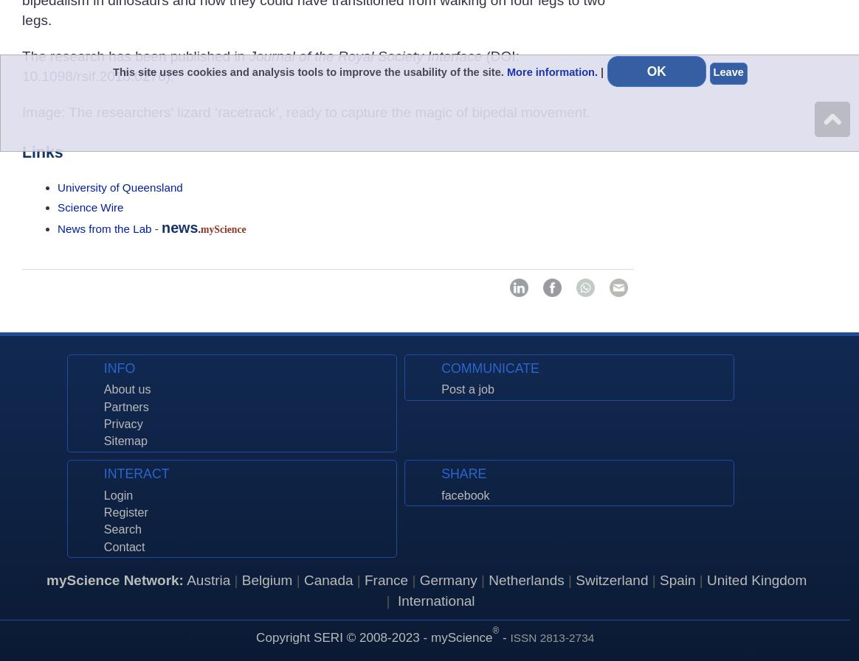  Describe the element at coordinates (122, 423) in the screenshot. I see `'Privacy'` at that location.